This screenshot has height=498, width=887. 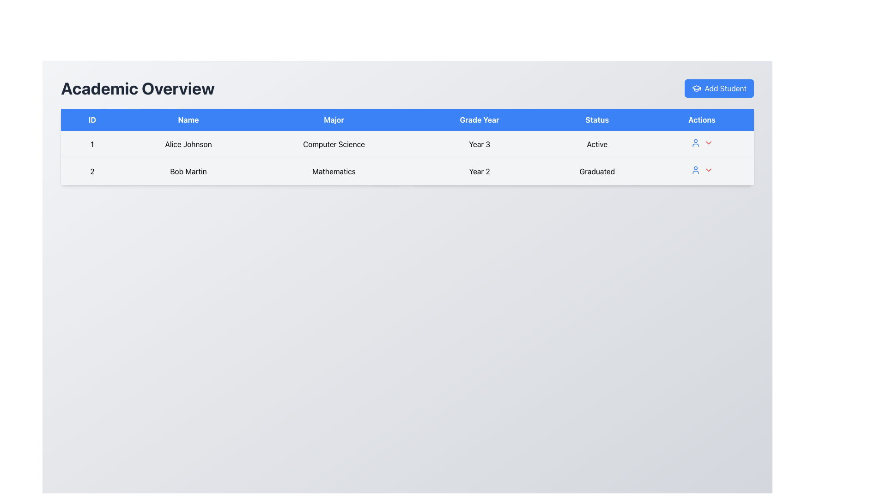 I want to click on the text label displaying 'Alice Johnson', so click(x=188, y=144).